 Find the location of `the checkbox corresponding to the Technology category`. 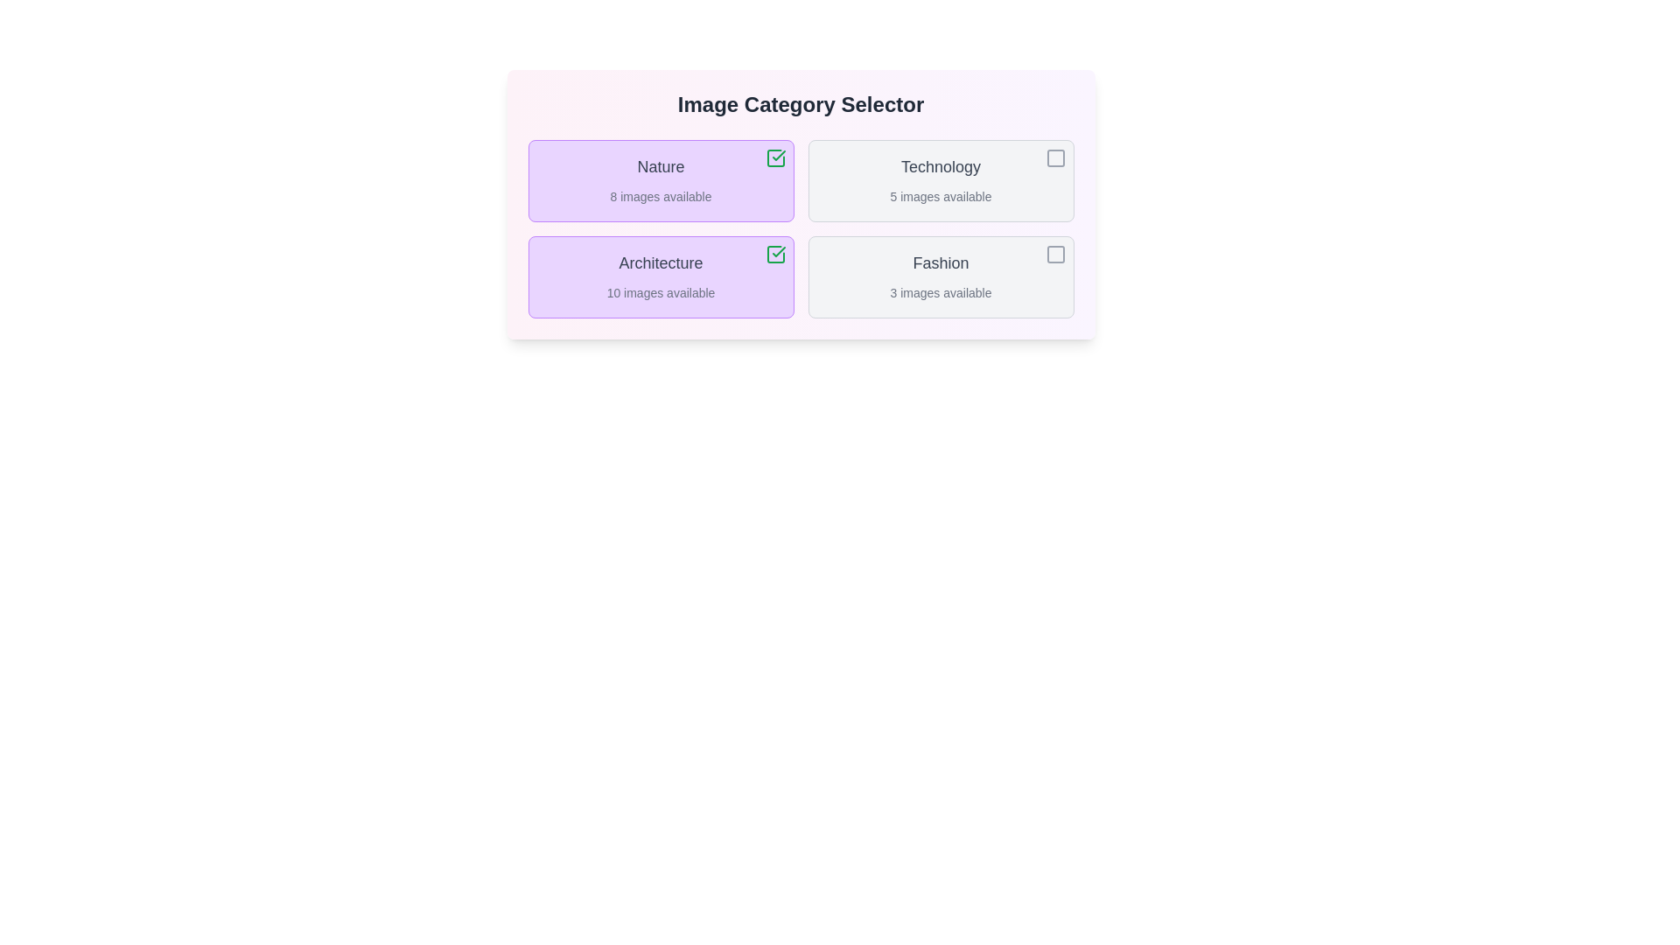

the checkbox corresponding to the Technology category is located at coordinates (1054, 158).